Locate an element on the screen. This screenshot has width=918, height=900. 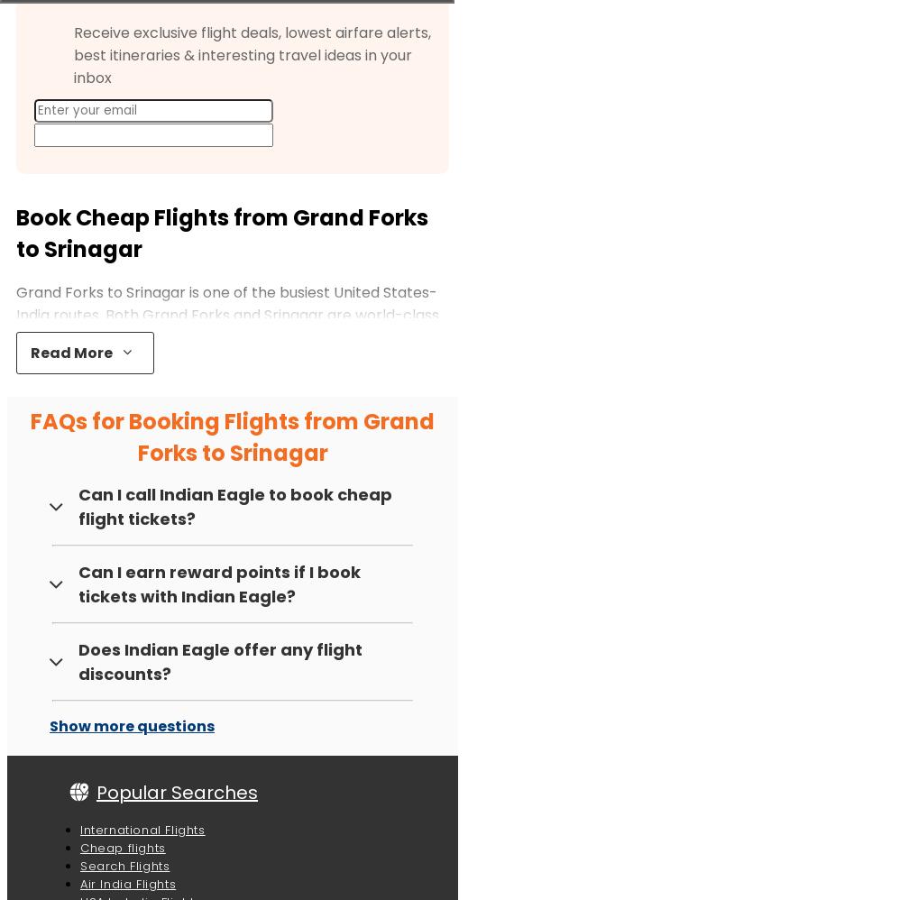
'Read More' is located at coordinates (71, 351).